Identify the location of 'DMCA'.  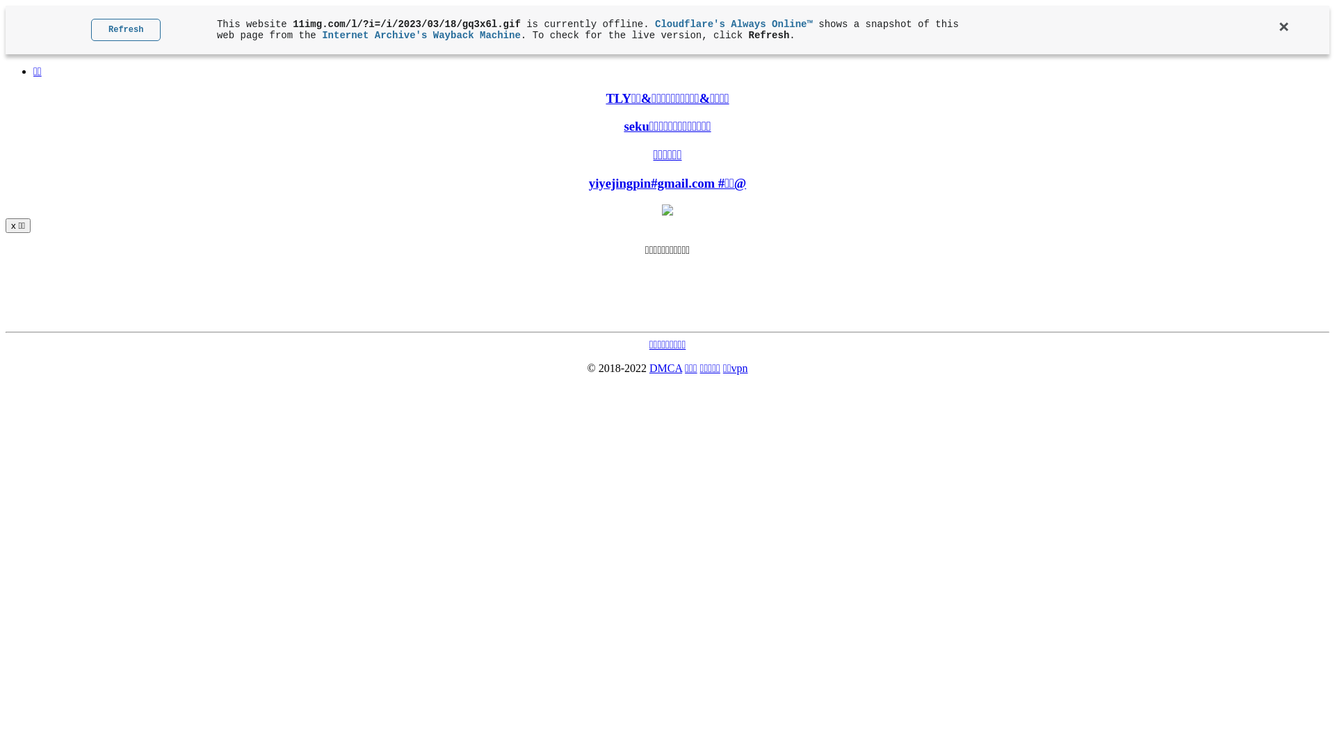
(665, 367).